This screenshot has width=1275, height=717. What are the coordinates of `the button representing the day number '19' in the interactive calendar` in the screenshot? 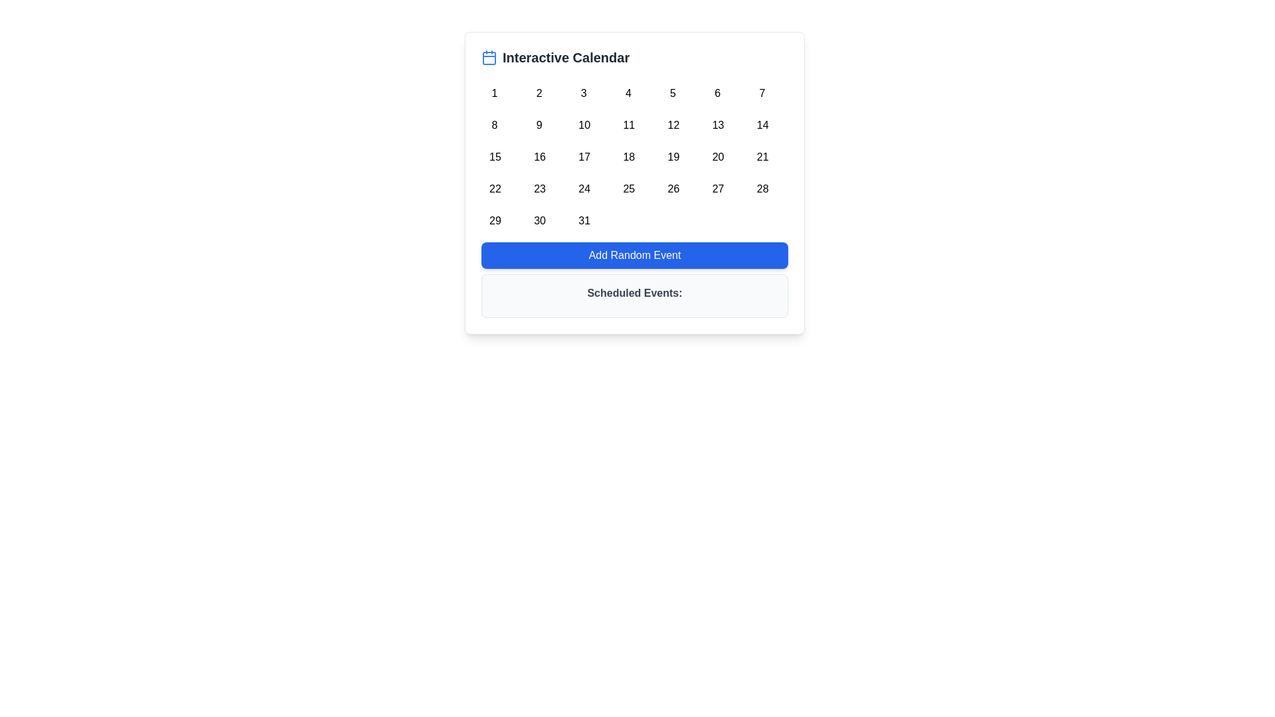 It's located at (673, 153).